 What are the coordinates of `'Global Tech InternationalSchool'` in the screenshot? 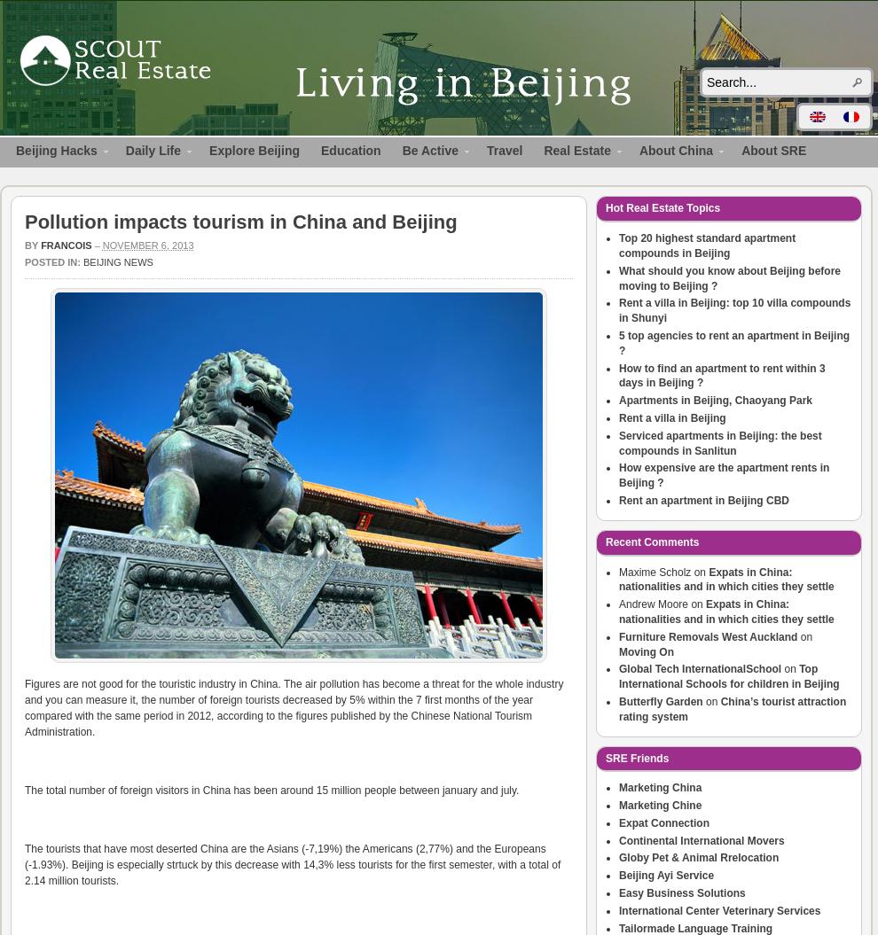 It's located at (700, 668).